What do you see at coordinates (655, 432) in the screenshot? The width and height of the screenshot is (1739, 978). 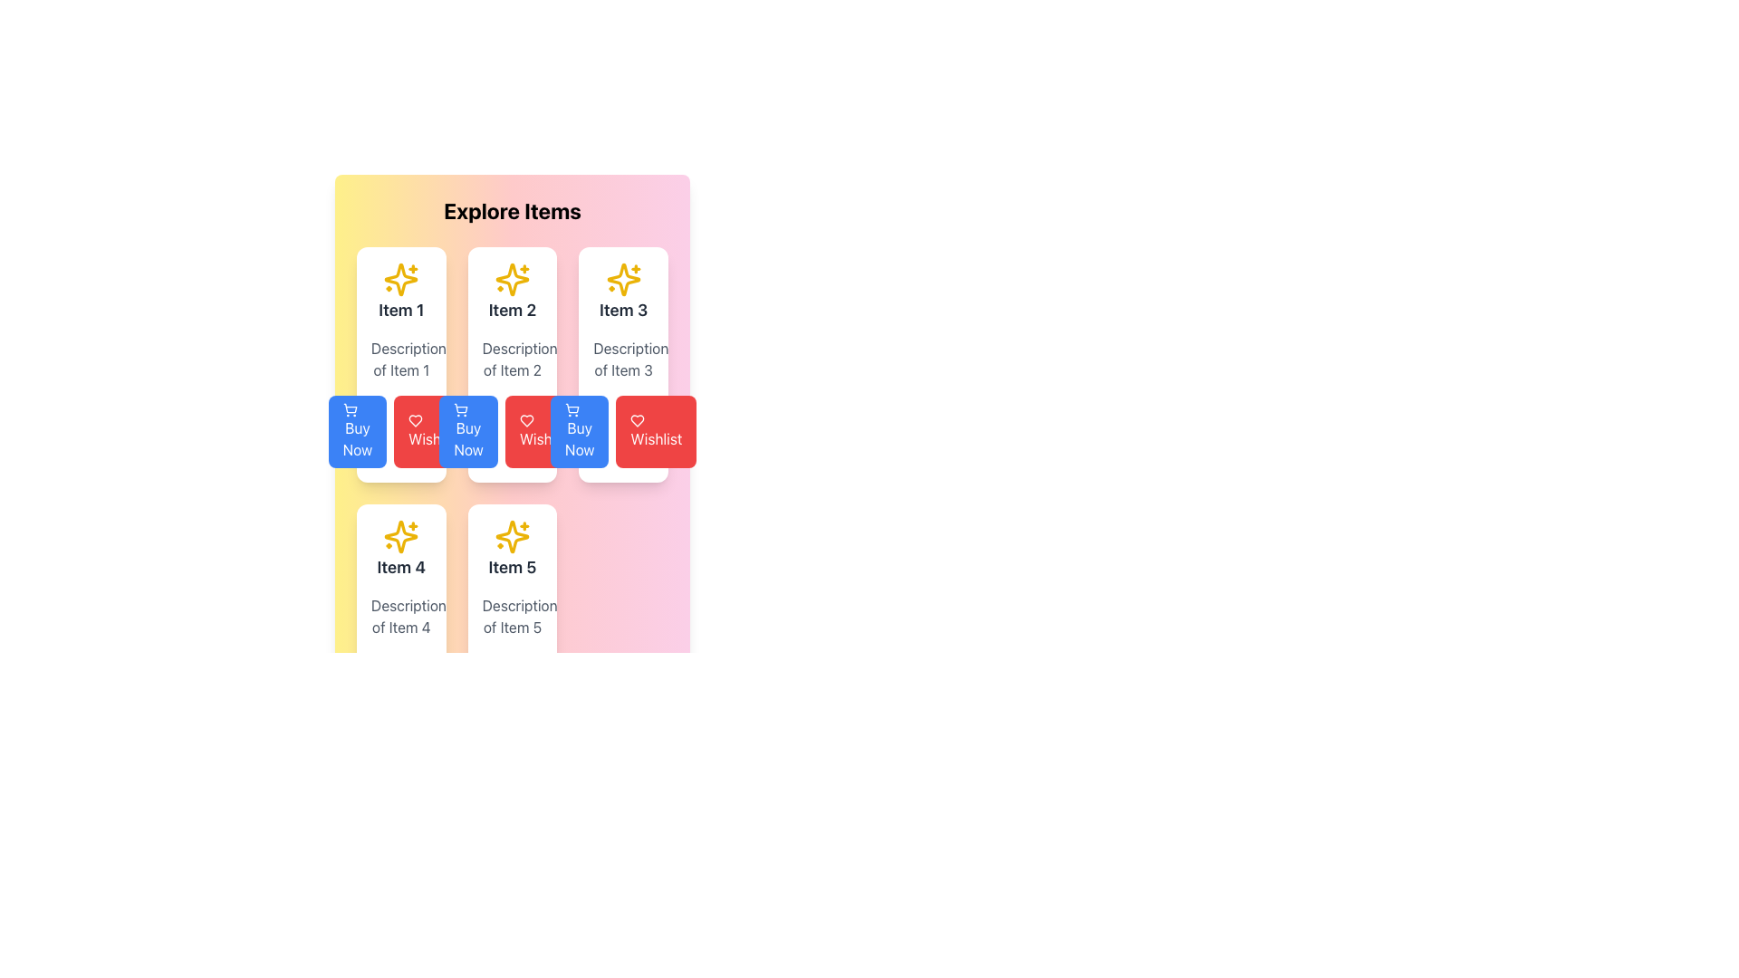 I see `the red 'Wishlist' button with white text and a heart icon, located to the right of the blue 'Buy Now' button under 'Item 3' in the grid of items` at bounding box center [655, 432].